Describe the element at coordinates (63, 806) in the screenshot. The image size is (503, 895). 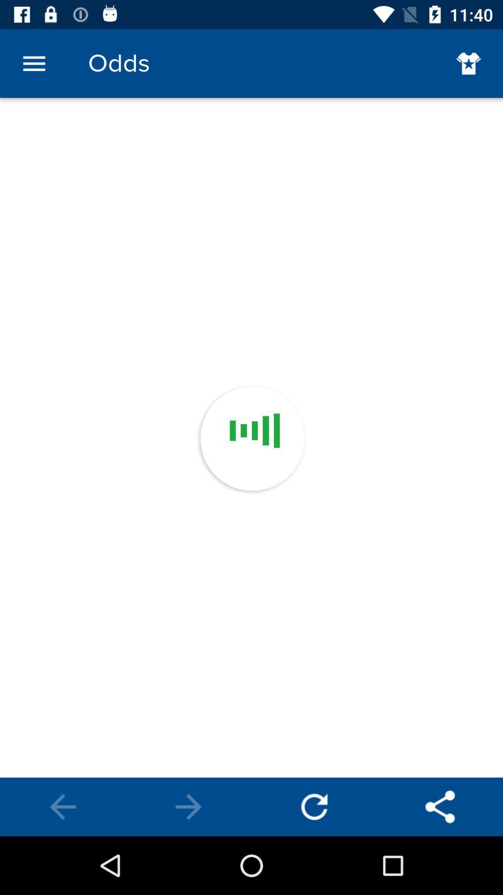
I see `go back` at that location.